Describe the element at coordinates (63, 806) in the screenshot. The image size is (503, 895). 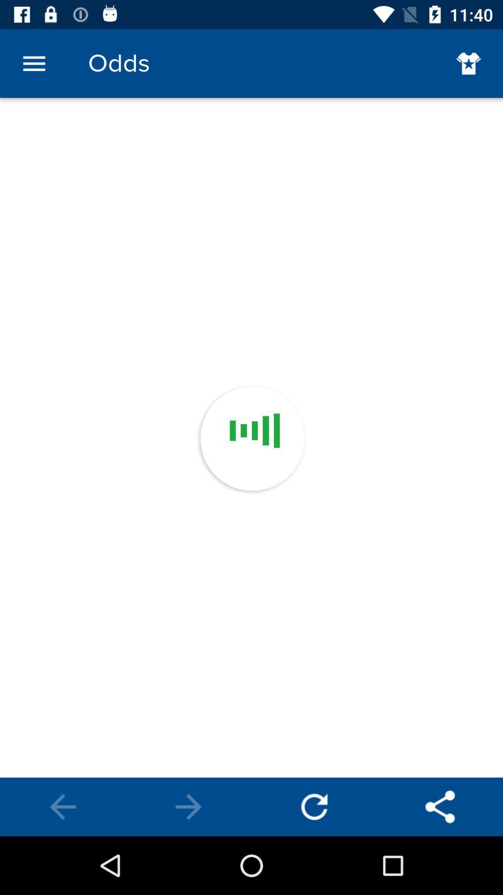
I see `go back` at that location.